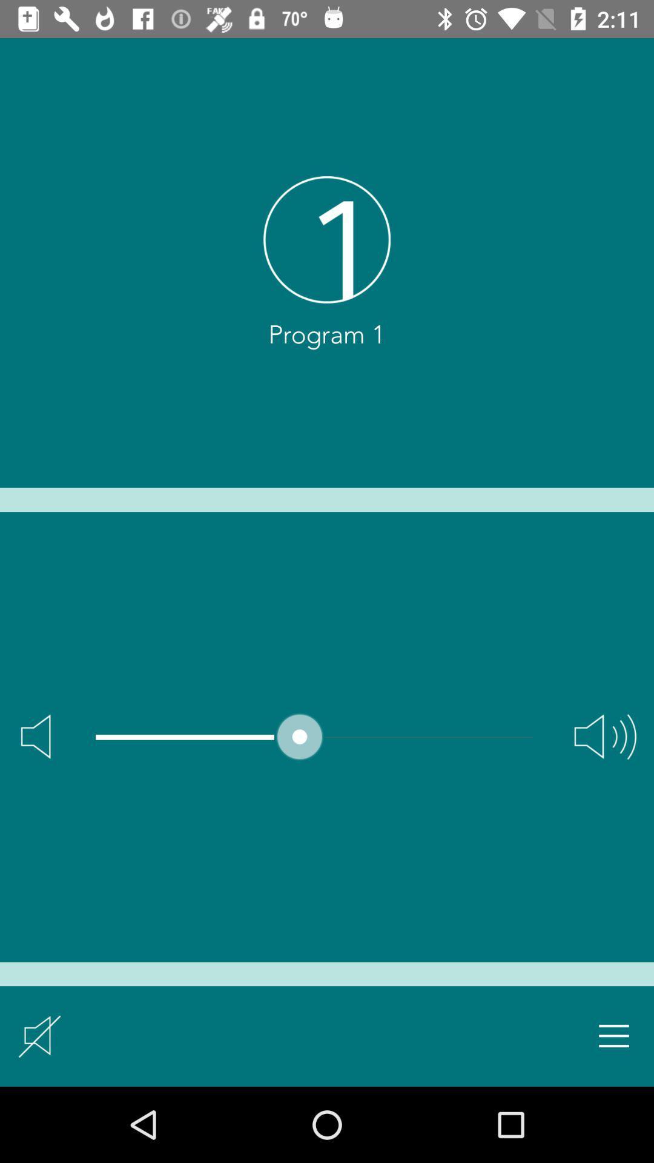 The width and height of the screenshot is (654, 1163). What do you see at coordinates (614, 1035) in the screenshot?
I see `menu` at bounding box center [614, 1035].